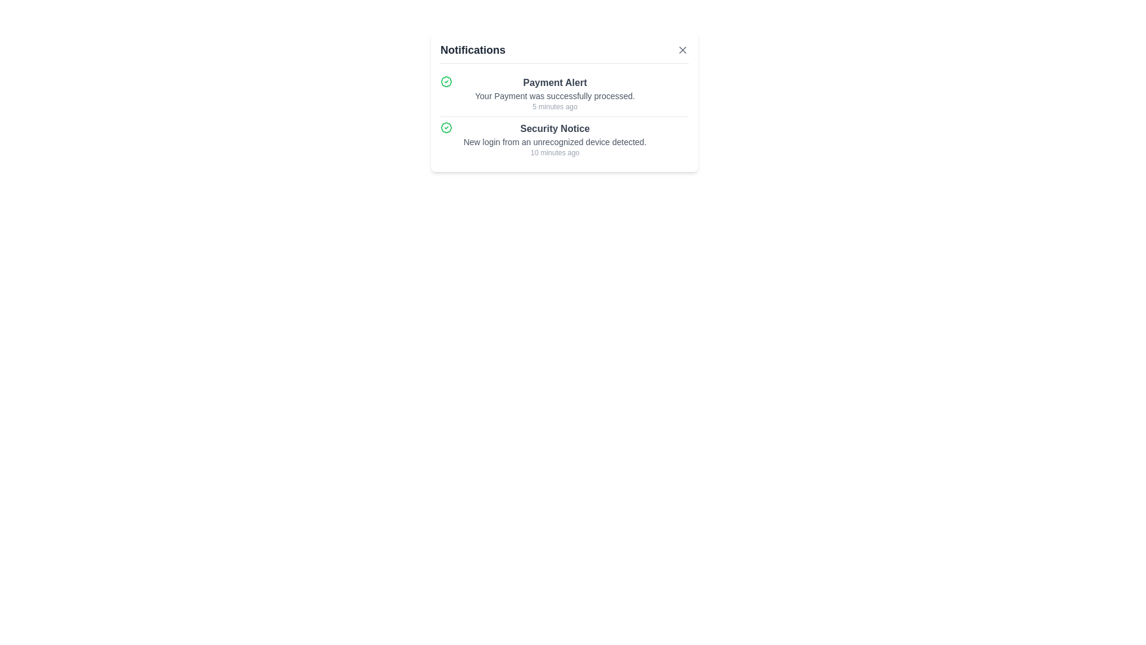 The height and width of the screenshot is (645, 1146). What do you see at coordinates (554, 142) in the screenshot?
I see `supplementary text that states 'New login from an unrecognized device detected.' which is located below the 'Security Notice' heading` at bounding box center [554, 142].